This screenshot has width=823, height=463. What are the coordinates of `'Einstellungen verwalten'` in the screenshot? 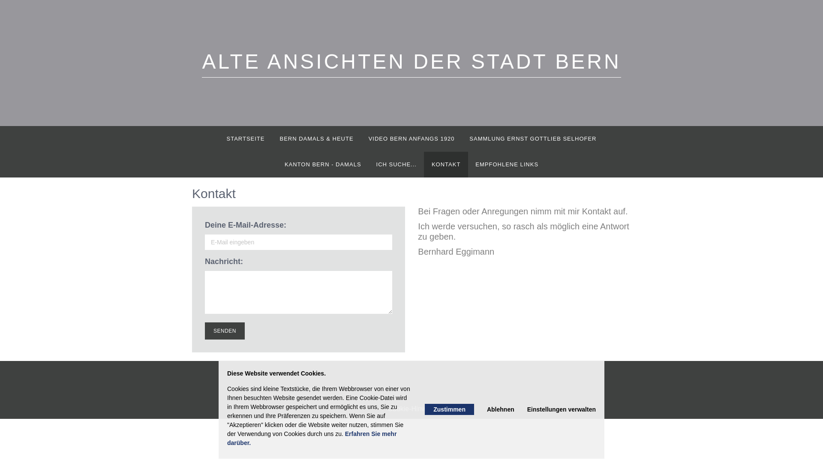 It's located at (562, 409).